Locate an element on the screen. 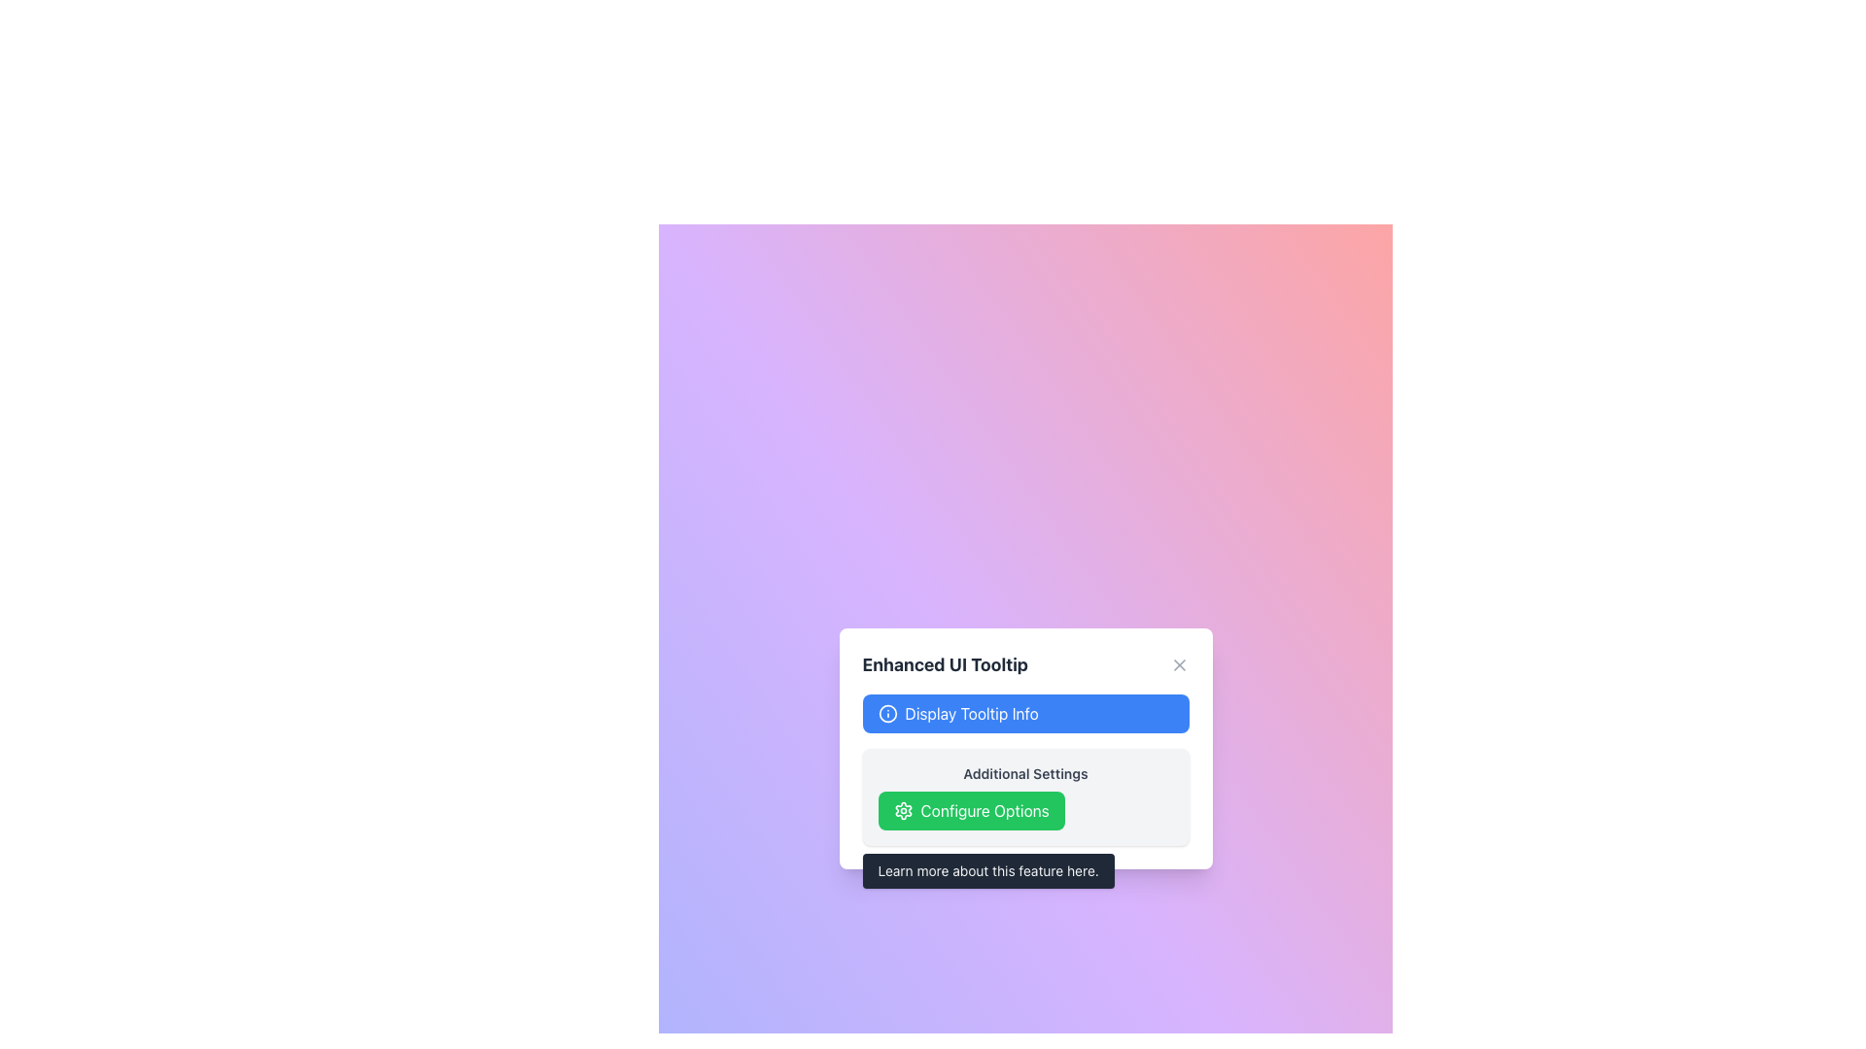 This screenshot has height=1049, width=1866. information displayed in the tooltip with white text that says 'Learn more about this feature here.', which is positioned below the 'Configure Options' section is located at coordinates (988, 870).